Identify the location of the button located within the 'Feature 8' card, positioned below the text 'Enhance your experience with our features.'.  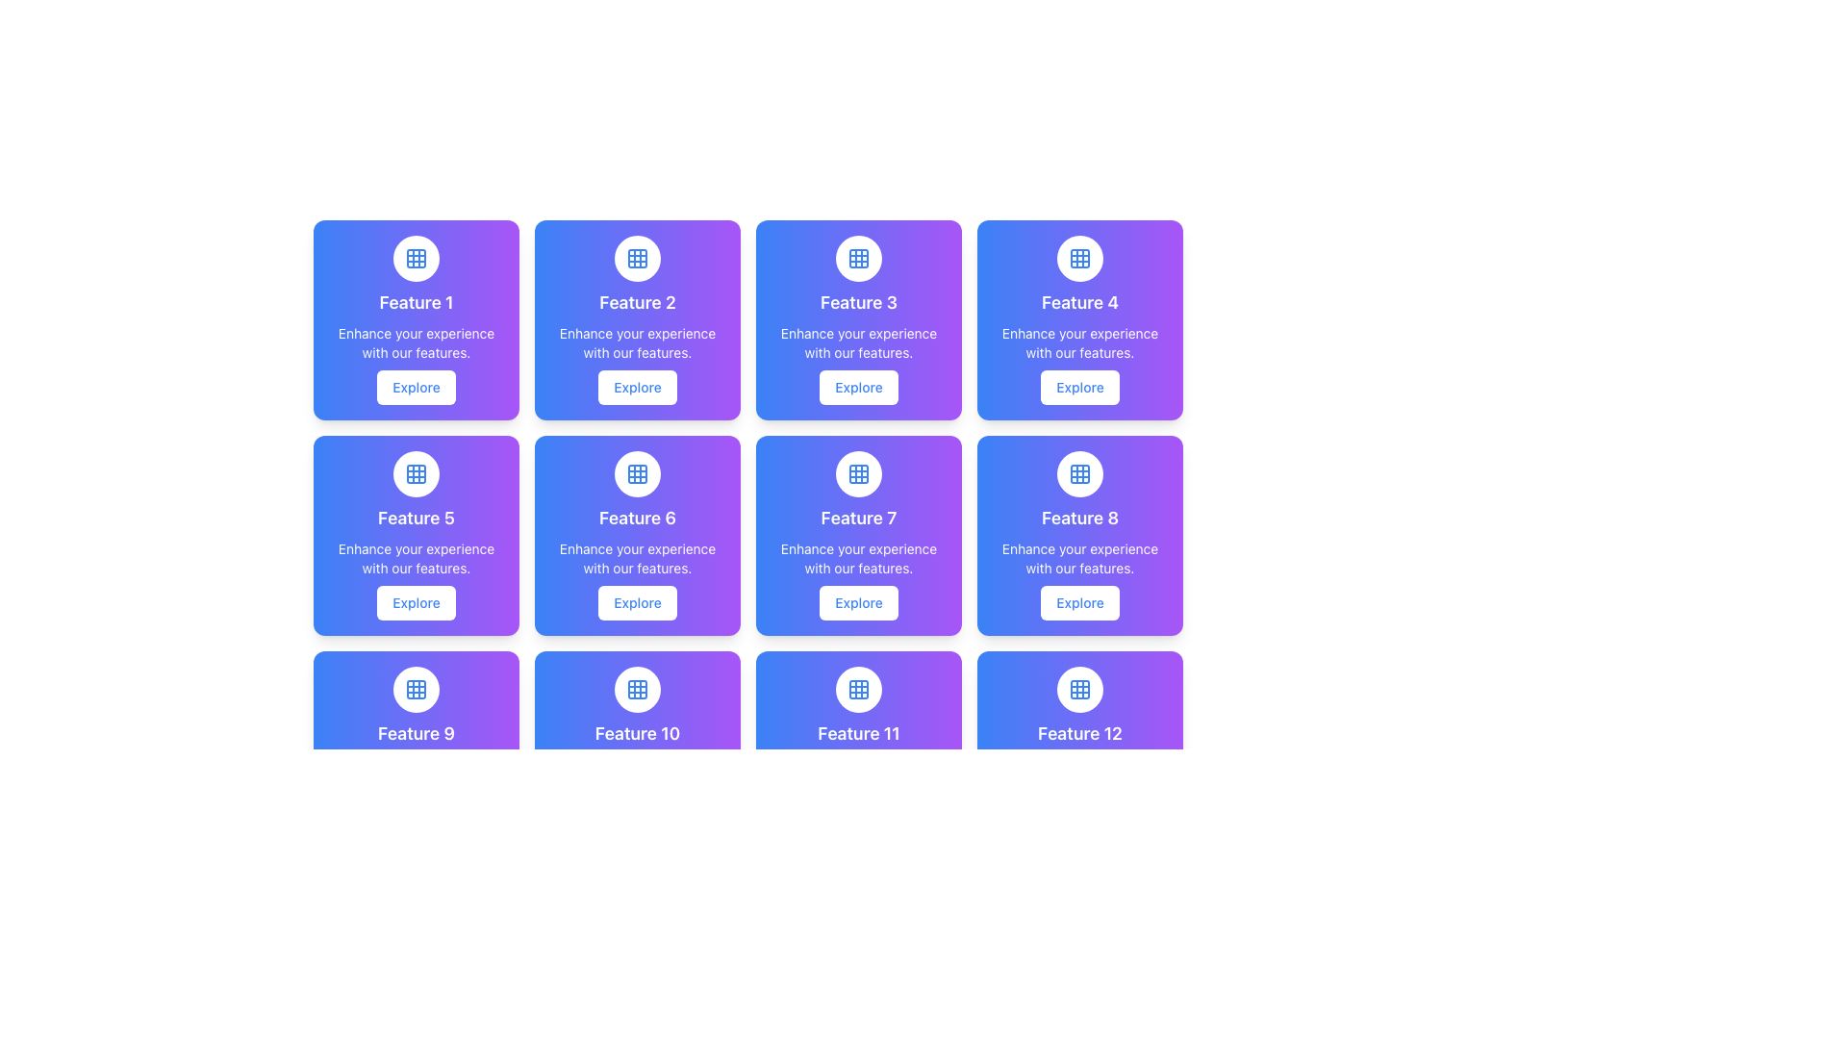
(1080, 602).